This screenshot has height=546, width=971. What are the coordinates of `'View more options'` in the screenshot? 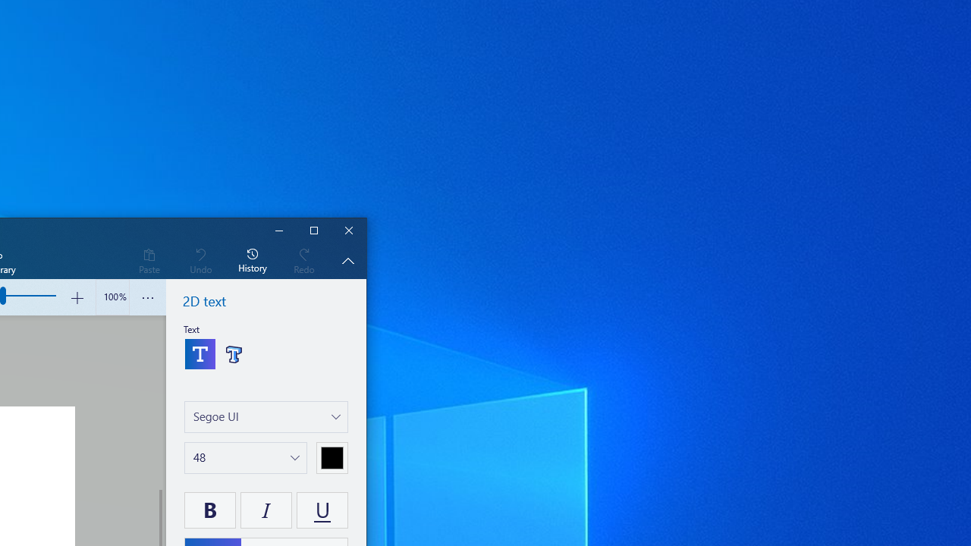 It's located at (148, 297).